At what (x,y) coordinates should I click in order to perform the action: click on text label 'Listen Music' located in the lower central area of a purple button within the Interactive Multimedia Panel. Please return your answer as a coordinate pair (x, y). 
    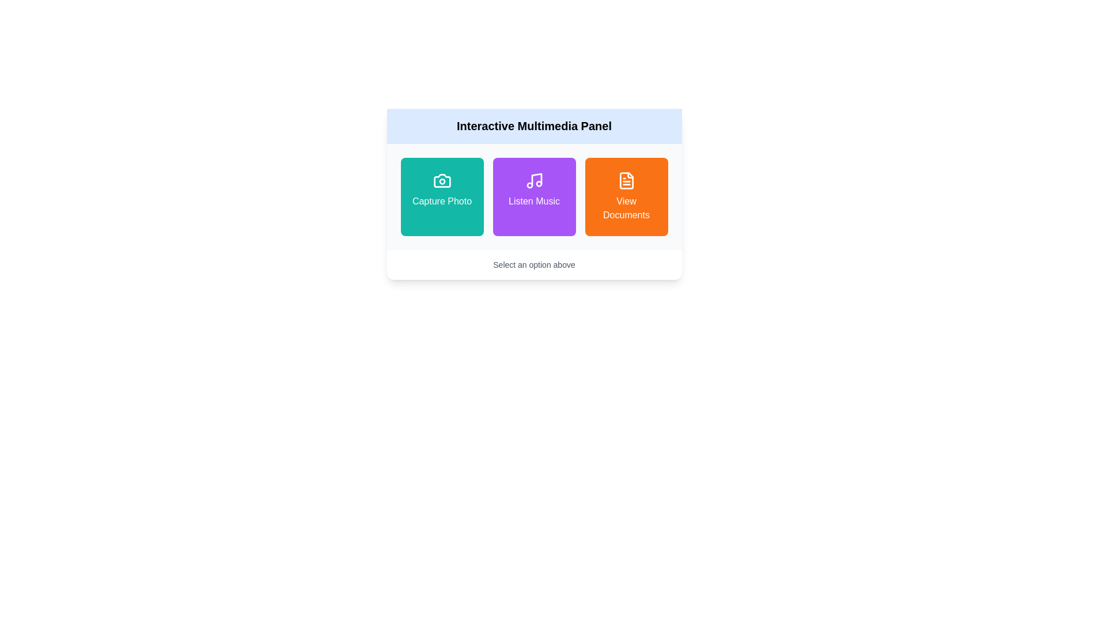
    Looking at the image, I should click on (533, 201).